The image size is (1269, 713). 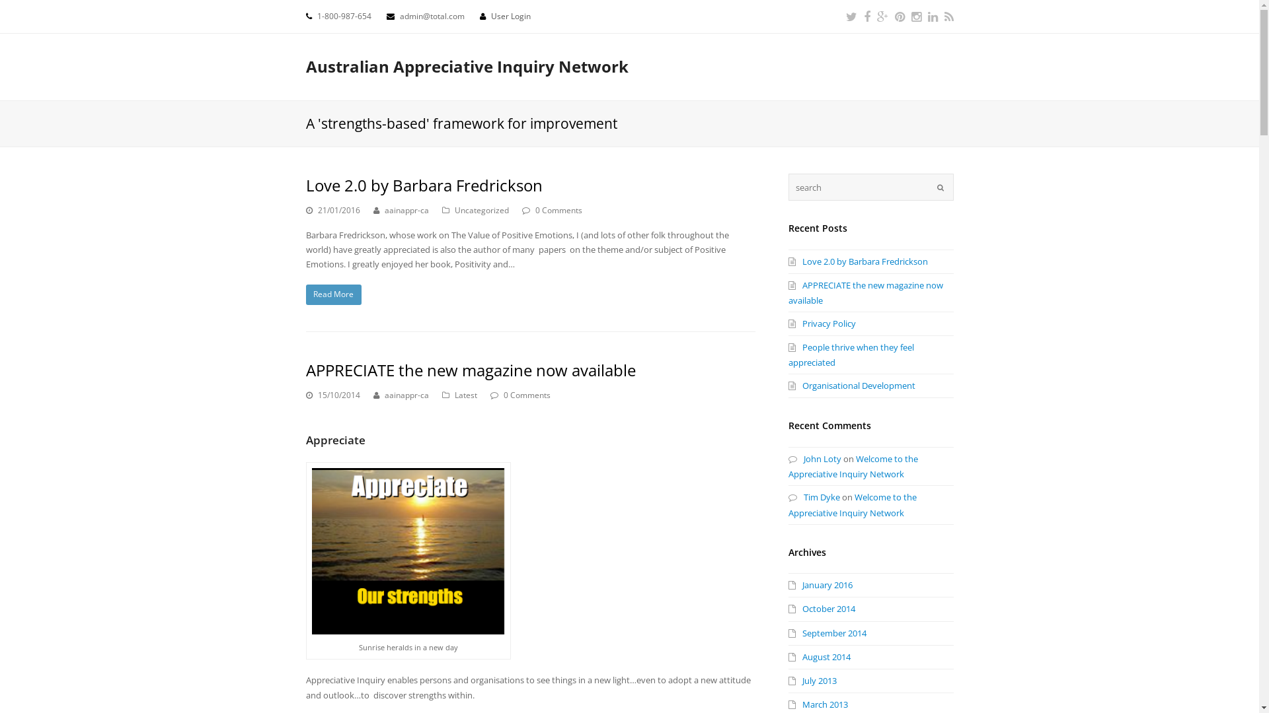 What do you see at coordinates (821, 323) in the screenshot?
I see `'Privacy Policy'` at bounding box center [821, 323].